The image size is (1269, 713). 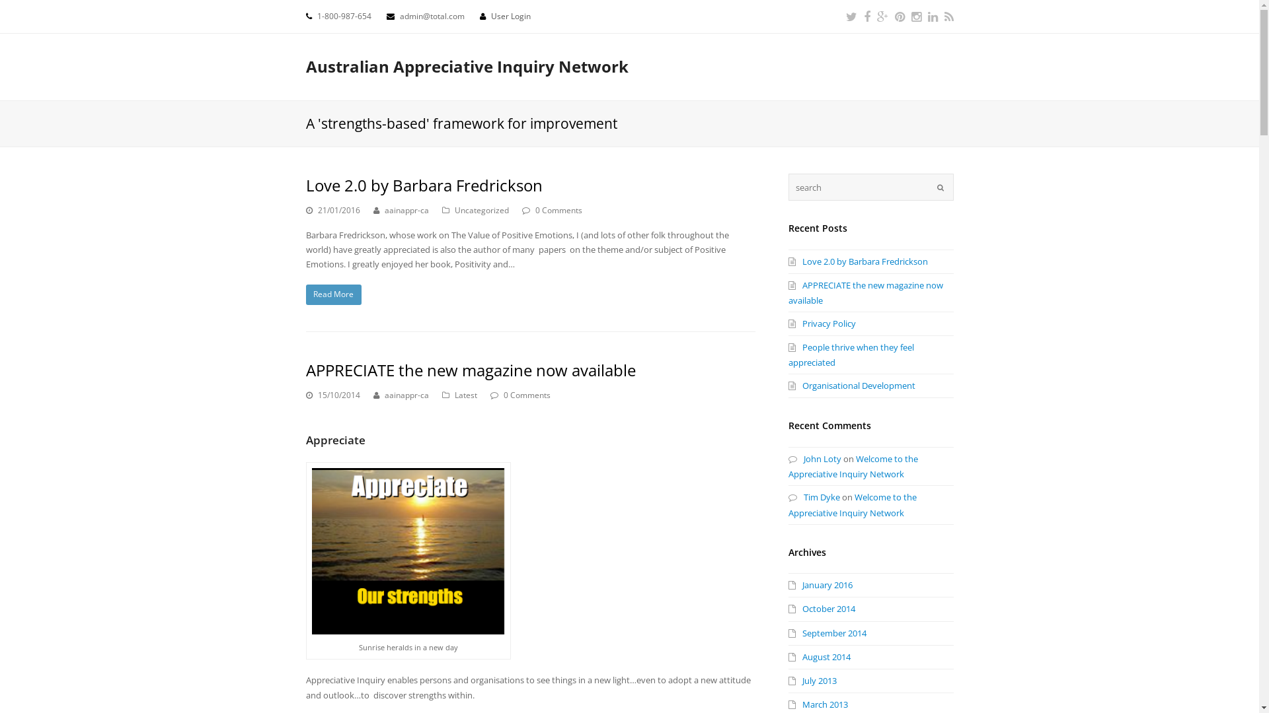 What do you see at coordinates (821, 323) in the screenshot?
I see `'Privacy Policy'` at bounding box center [821, 323].